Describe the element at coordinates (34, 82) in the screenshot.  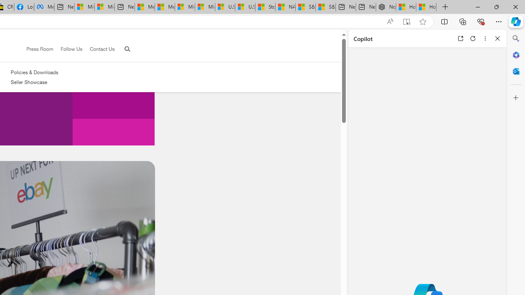
I see `'Seller Showcase'` at that location.